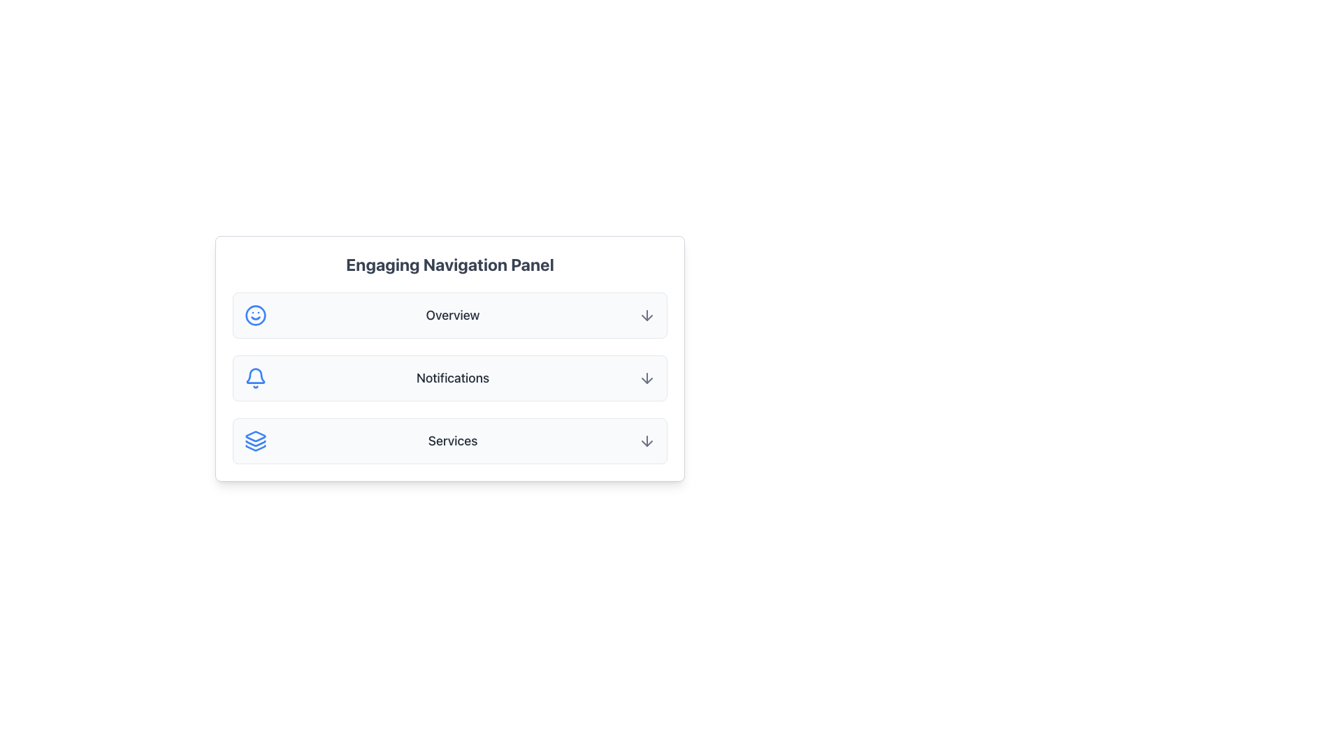 Image resolution: width=1342 pixels, height=754 pixels. I want to click on the circular decorative component with a solid blue outline and white fill, located at the center of the smiling face graphic, so click(255, 315).